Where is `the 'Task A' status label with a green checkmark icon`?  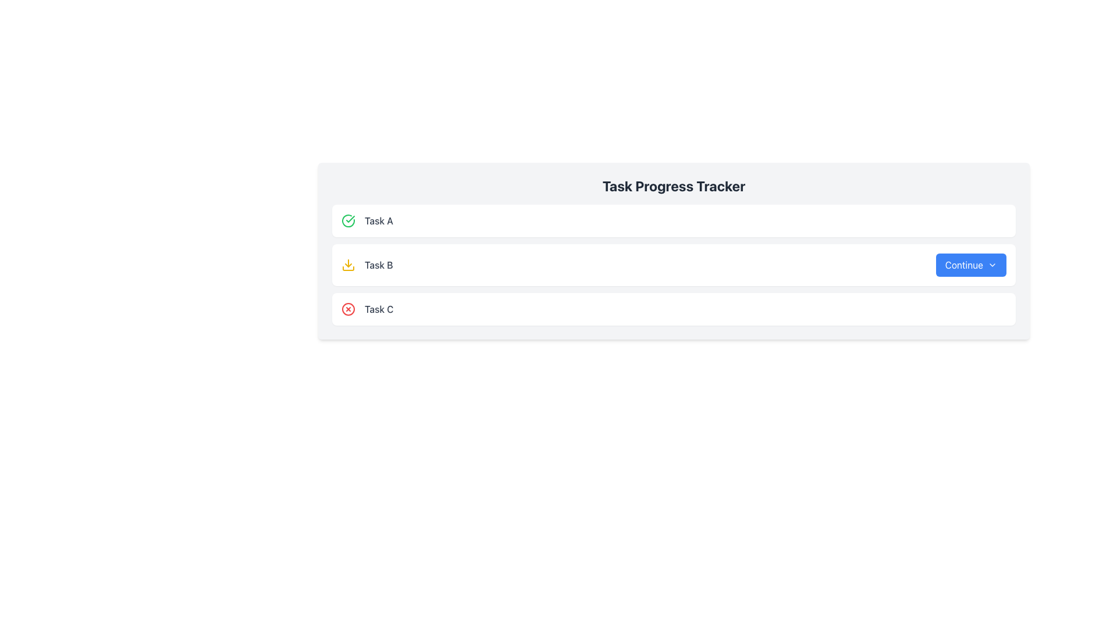
the 'Task A' status label with a green checkmark icon is located at coordinates (367, 221).